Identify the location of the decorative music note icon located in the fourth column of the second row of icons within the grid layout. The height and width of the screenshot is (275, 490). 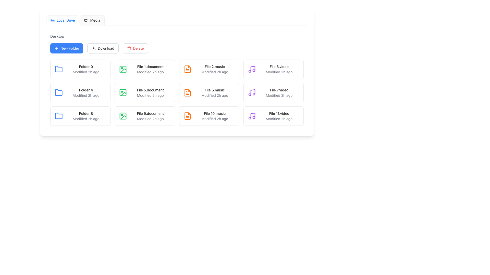
(253, 69).